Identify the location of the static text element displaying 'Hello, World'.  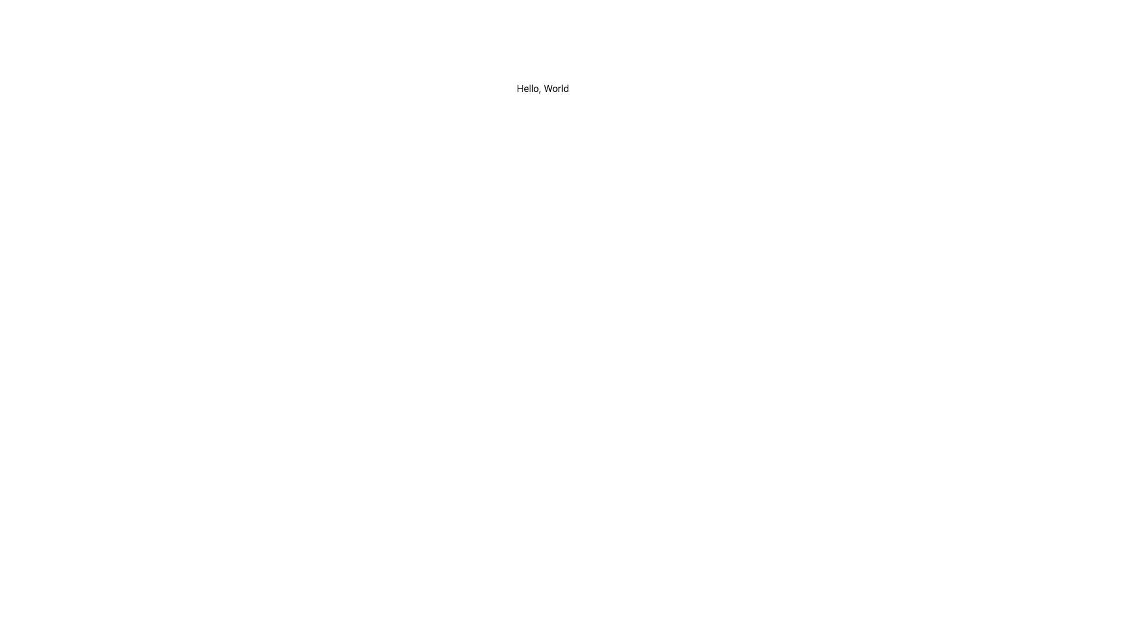
(542, 88).